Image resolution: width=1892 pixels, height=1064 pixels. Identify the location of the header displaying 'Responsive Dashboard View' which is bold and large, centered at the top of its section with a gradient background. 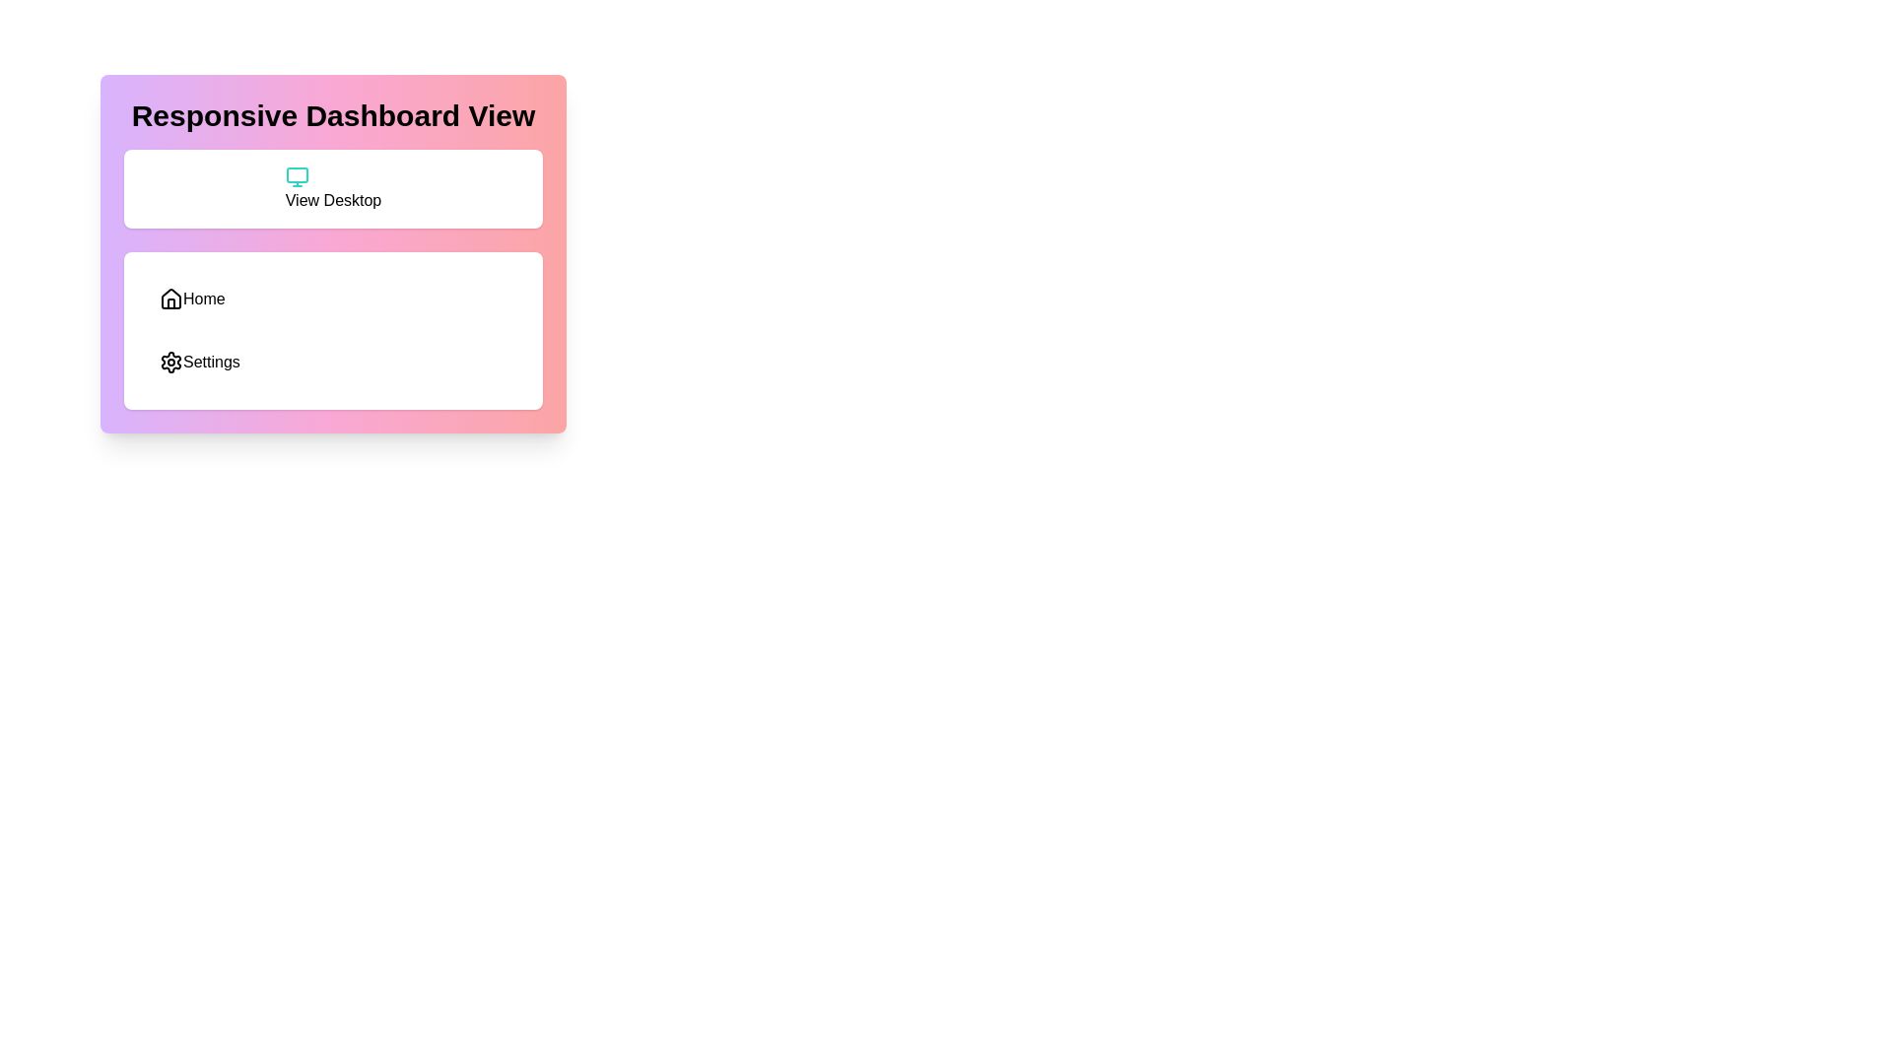
(333, 116).